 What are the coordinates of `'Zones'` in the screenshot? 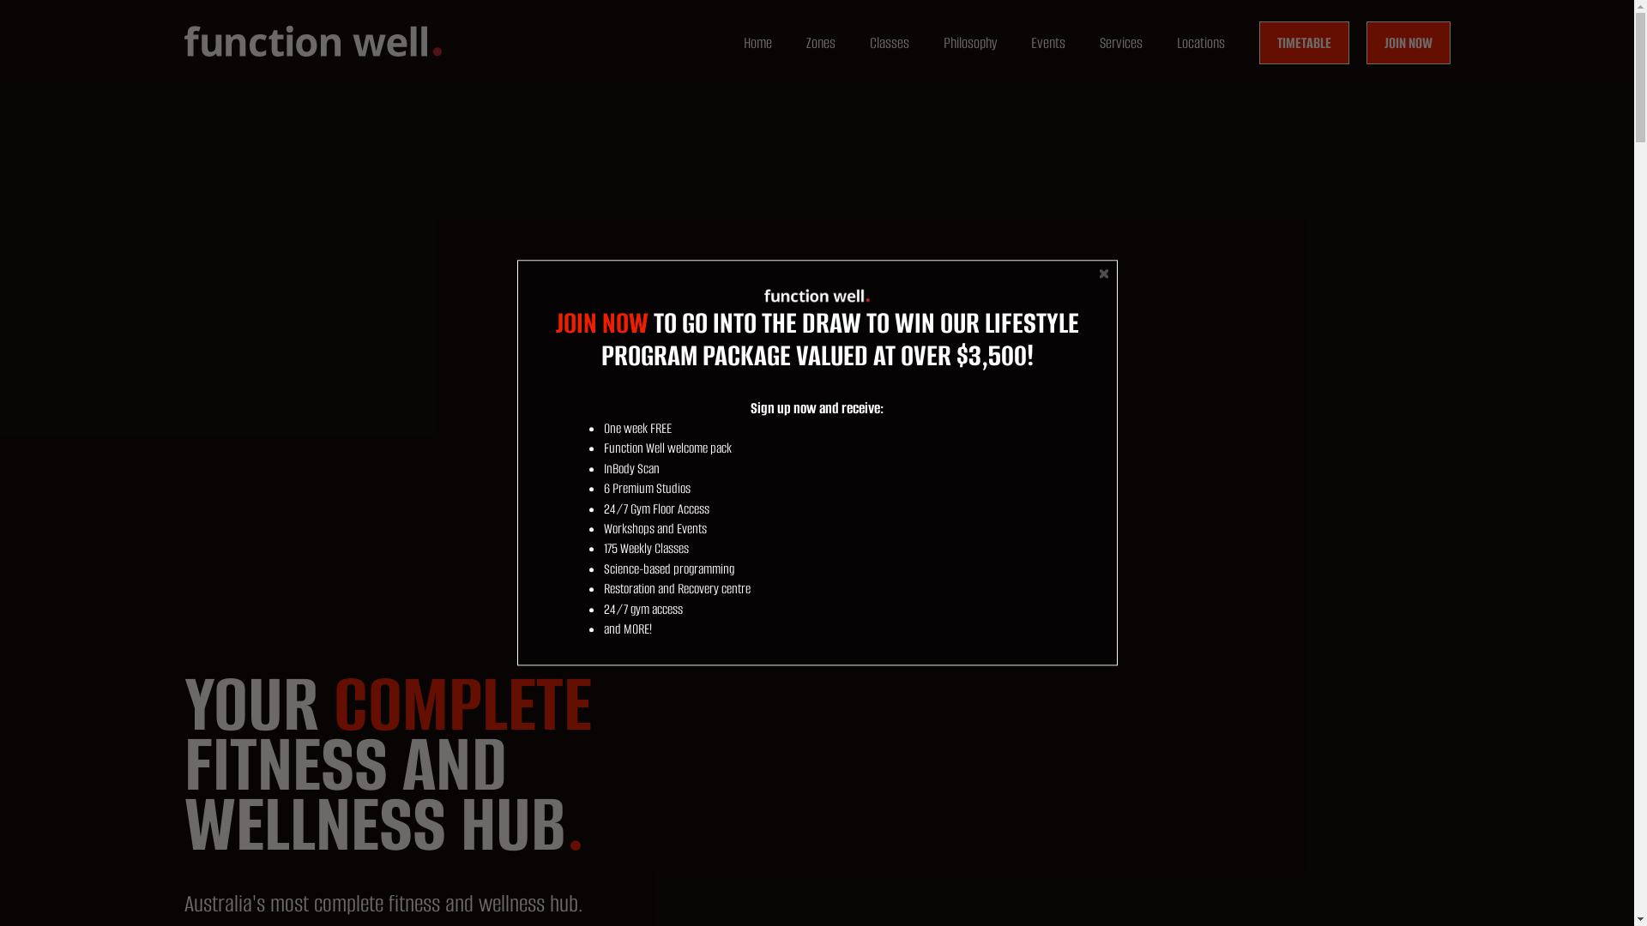 It's located at (819, 42).